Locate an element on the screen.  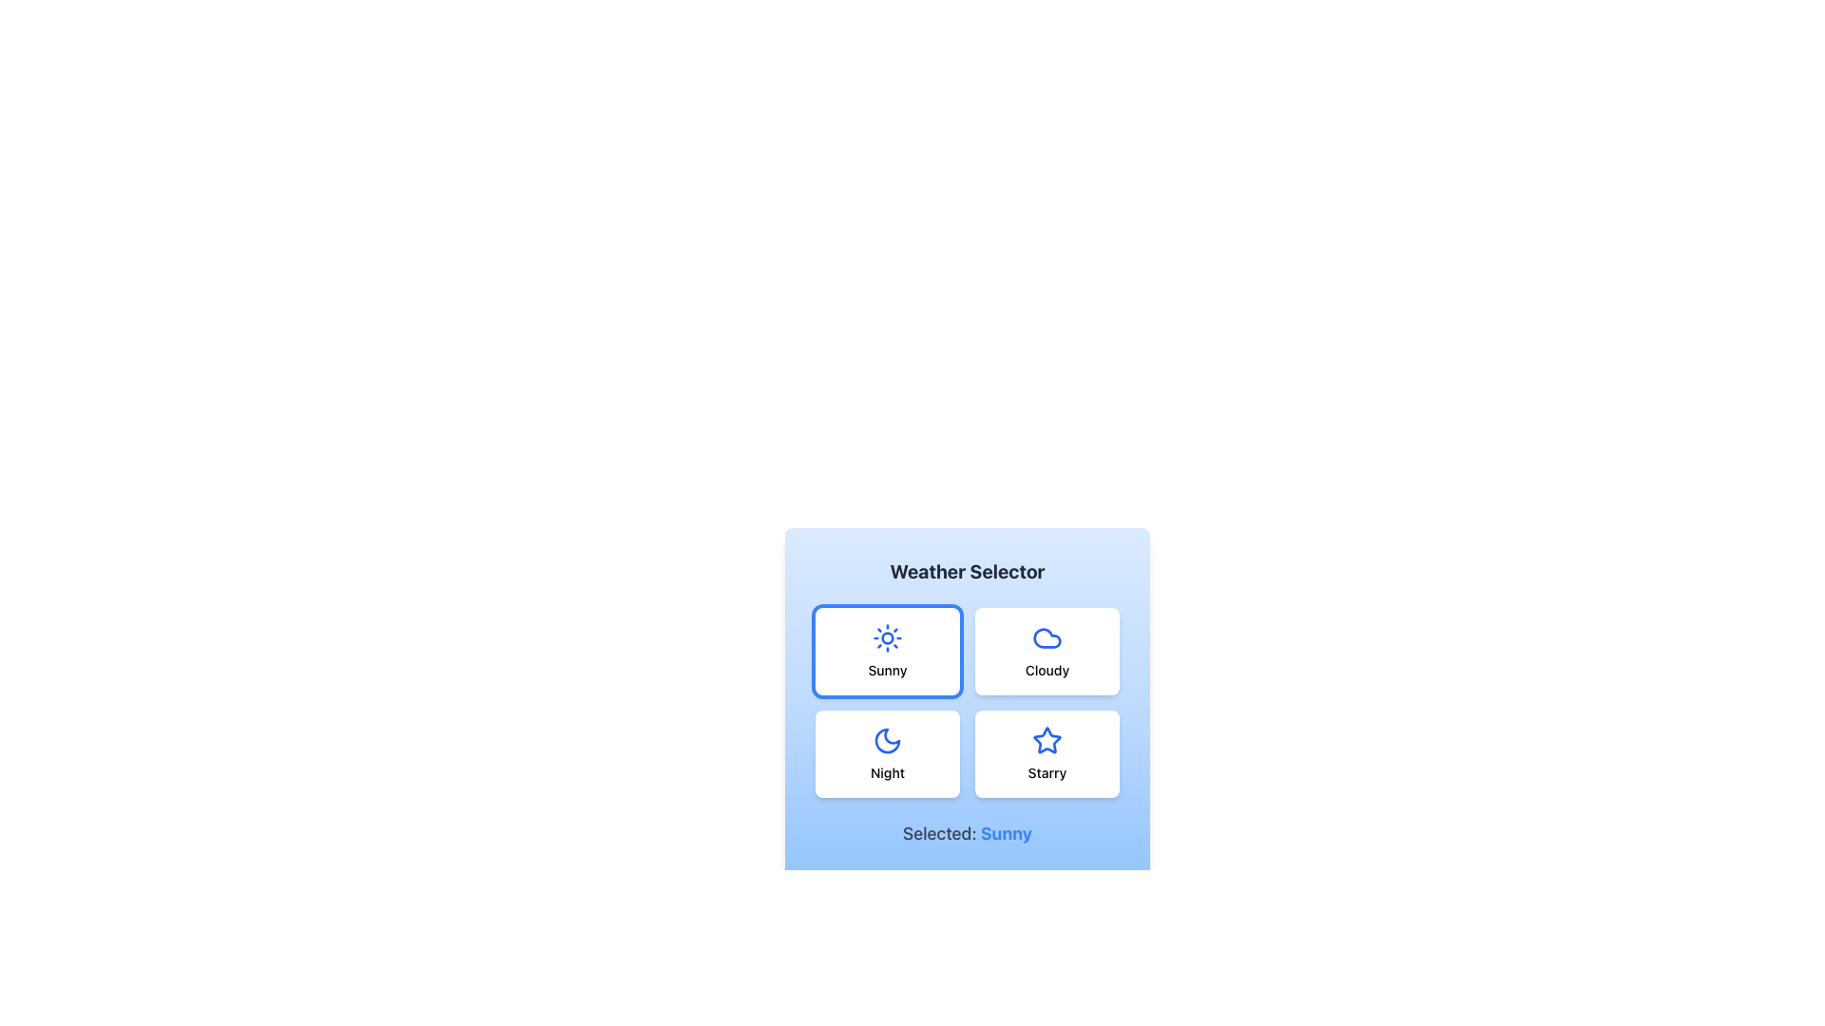
text label displaying the word 'Cloudy', which is styled in black and located below a cloud icon in the top-right corner of the weather options button grouping is located at coordinates (1047, 669).